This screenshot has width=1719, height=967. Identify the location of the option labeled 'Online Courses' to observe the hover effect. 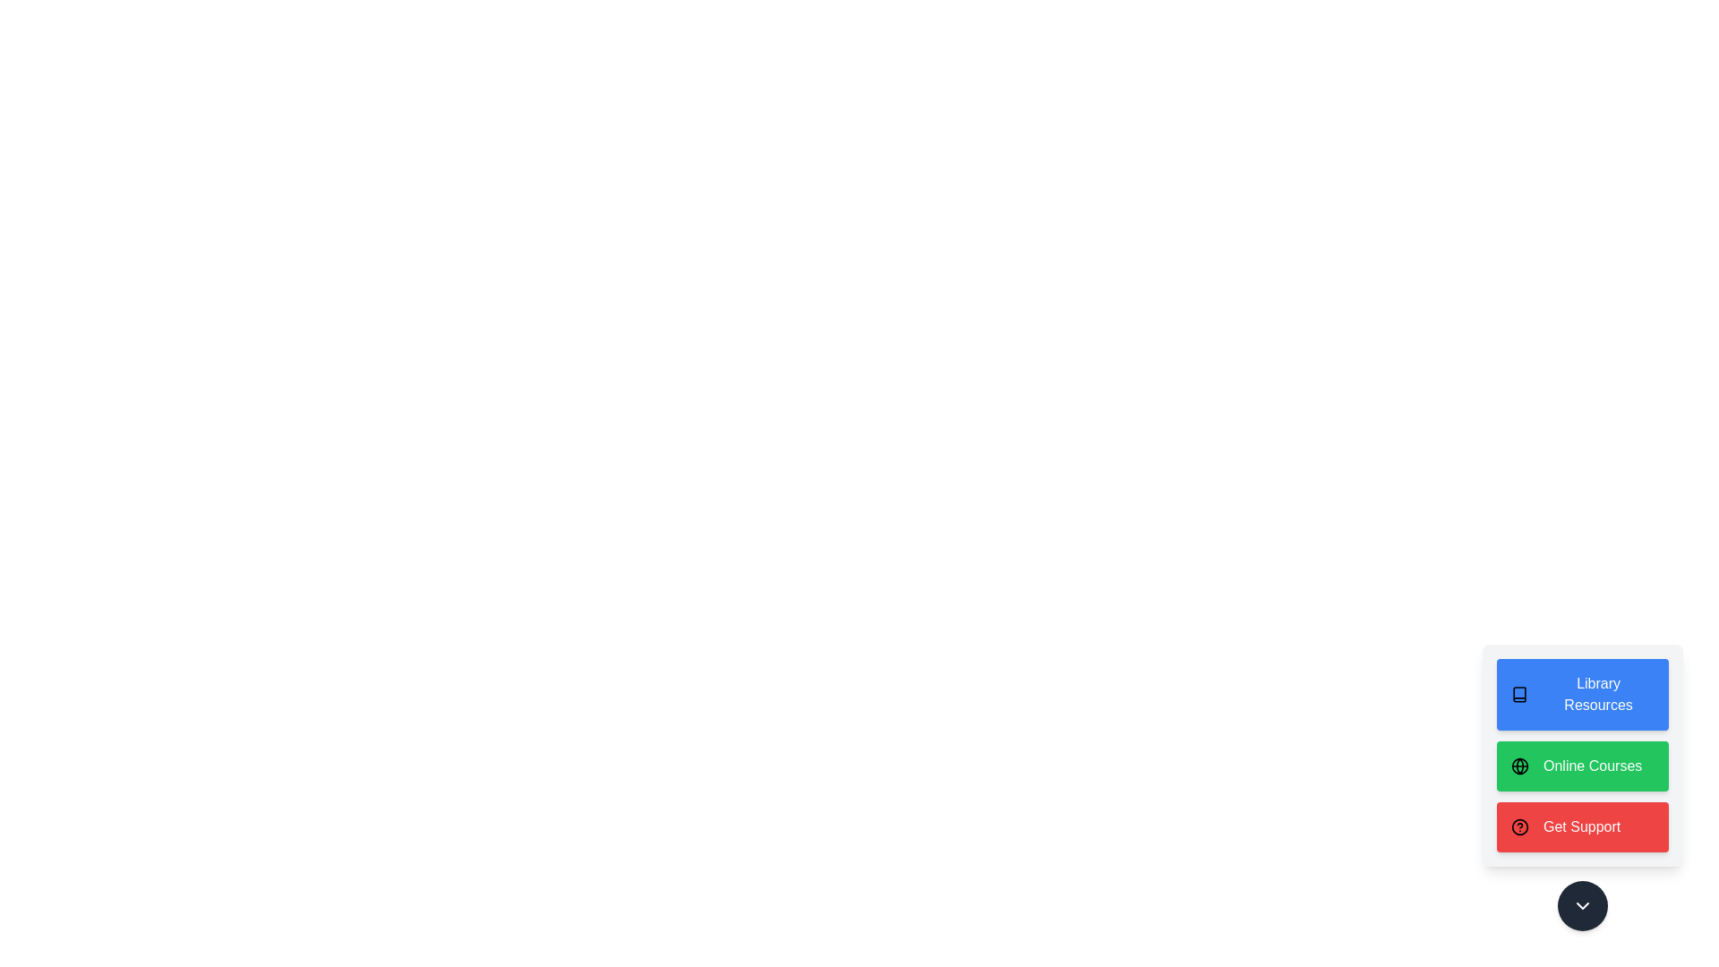
(1582, 766).